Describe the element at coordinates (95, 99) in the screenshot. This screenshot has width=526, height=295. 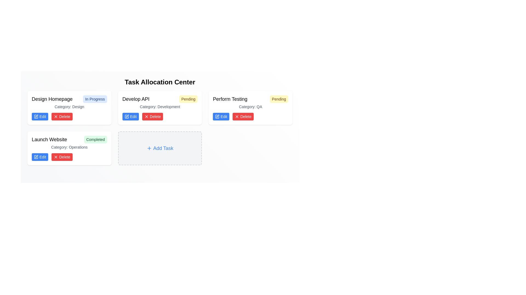
I see `the status indicator displaying 'In Progress' located in the top-right corner of the 'Design Homepage' card` at that location.